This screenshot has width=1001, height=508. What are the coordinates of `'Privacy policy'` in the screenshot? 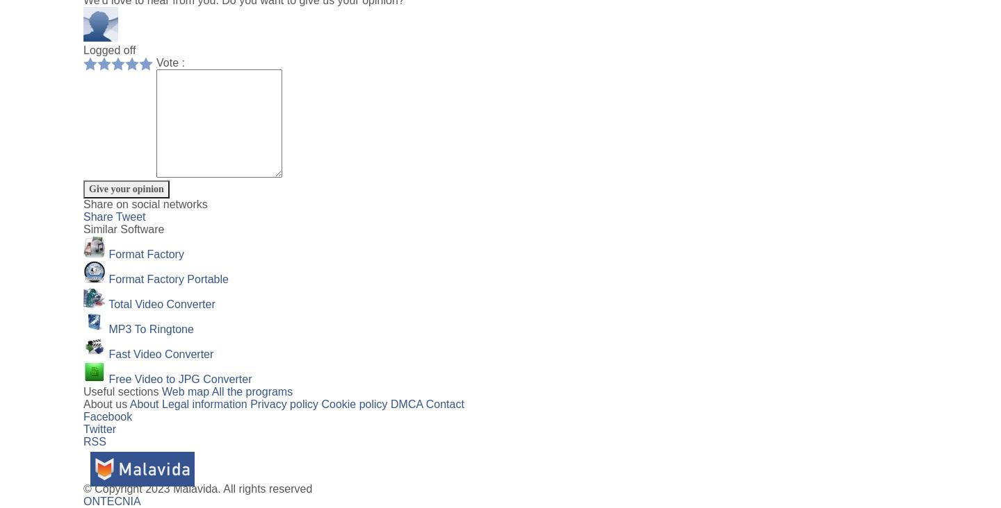 It's located at (283, 403).